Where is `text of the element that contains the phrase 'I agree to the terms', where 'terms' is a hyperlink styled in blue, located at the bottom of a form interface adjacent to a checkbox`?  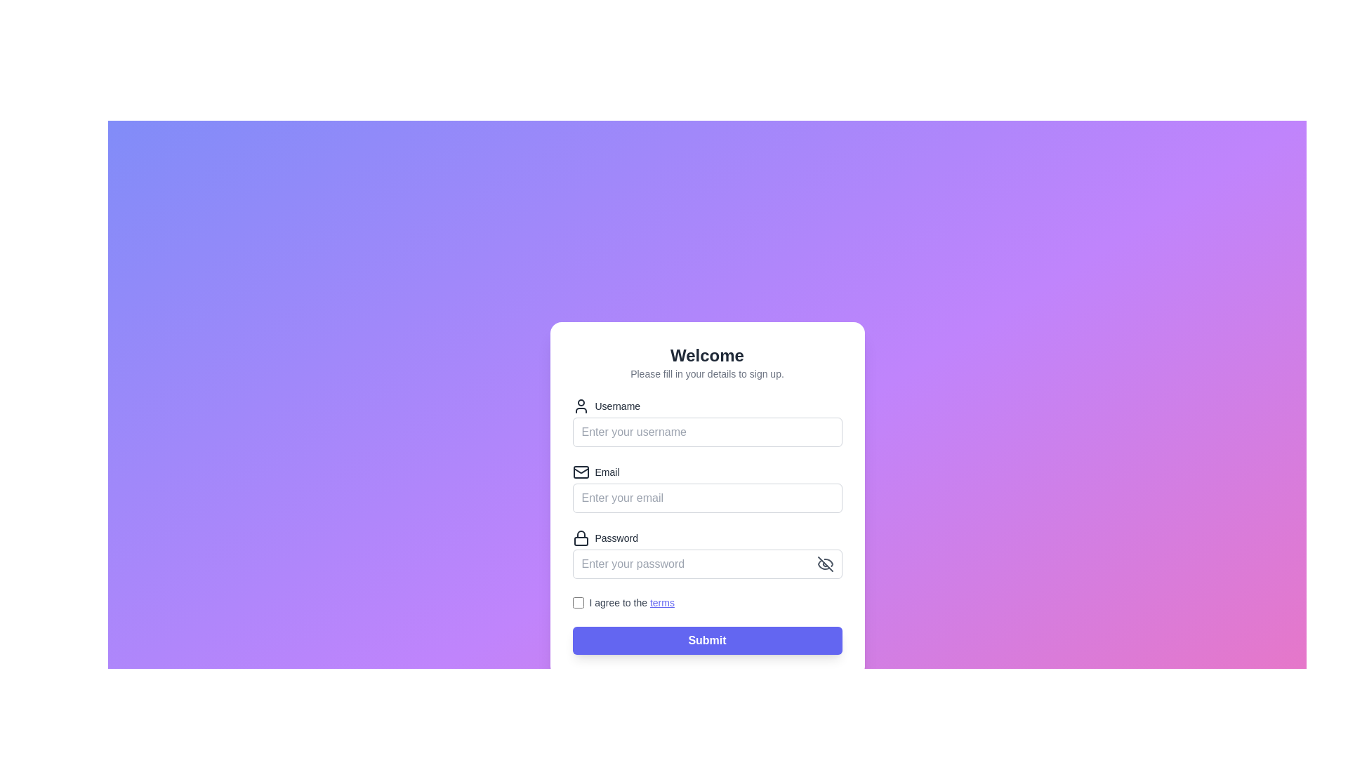
text of the element that contains the phrase 'I agree to the terms', where 'terms' is a hyperlink styled in blue, located at the bottom of a form interface adjacent to a checkbox is located at coordinates (631, 602).